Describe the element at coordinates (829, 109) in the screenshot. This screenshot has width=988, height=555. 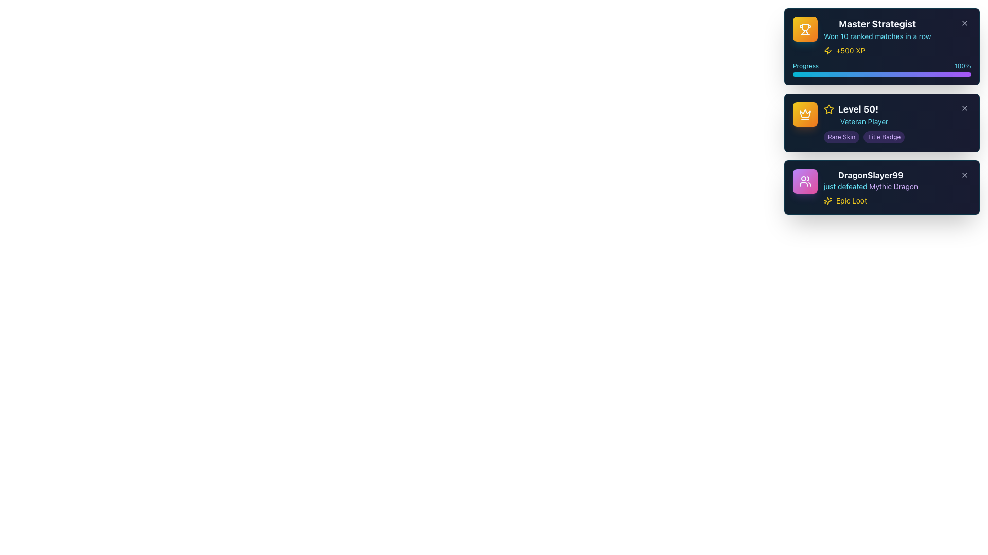
I see `the achievement icon located to the left of the 'Level 50!' text` at that location.